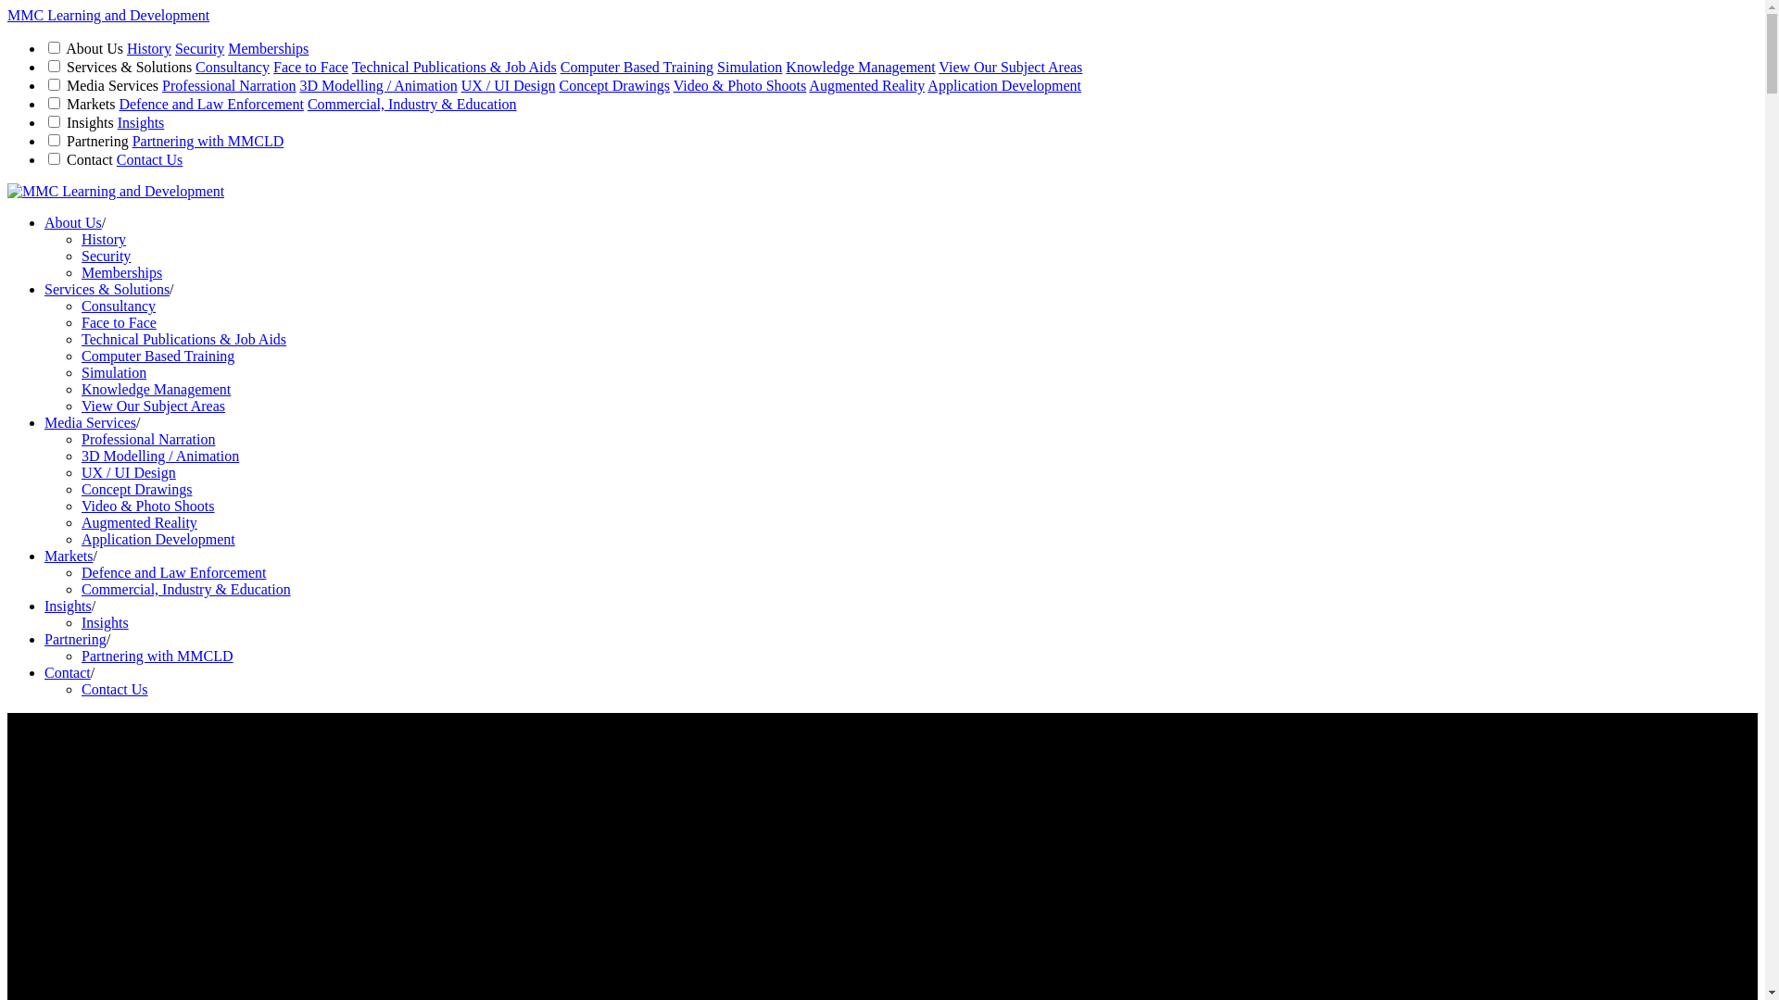 Image resolution: width=1779 pixels, height=1000 pixels. I want to click on 'Contact', so click(67, 672).